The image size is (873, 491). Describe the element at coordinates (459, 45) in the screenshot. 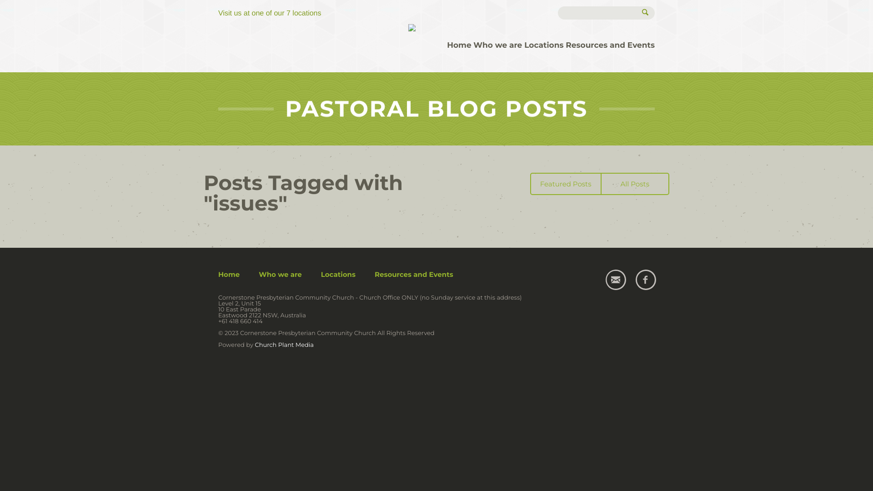

I see `'Home'` at that location.